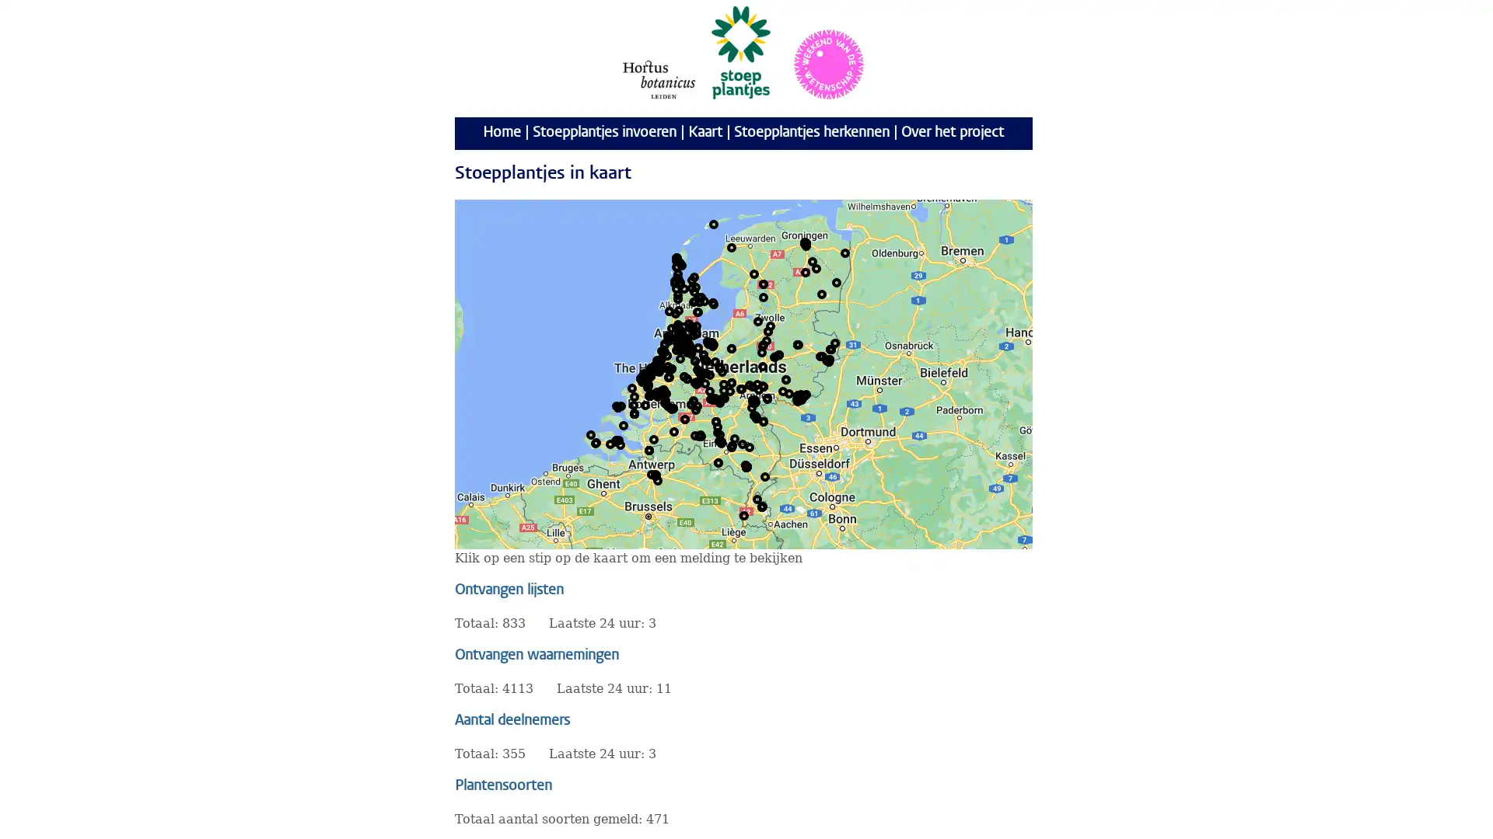  Describe the element at coordinates (649, 395) in the screenshot. I see `Telling van Aad Jonkvorst op 30 mei 2022` at that location.